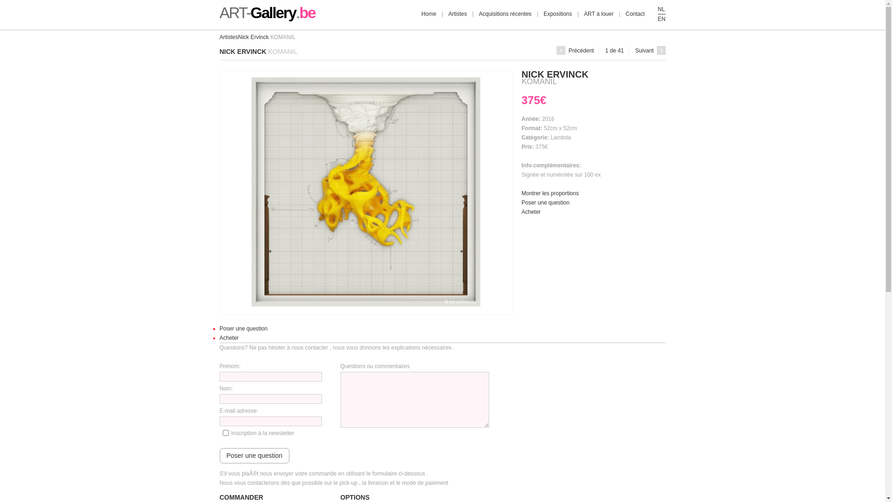 The width and height of the screenshot is (892, 502). I want to click on 'Artistes', so click(444, 14).